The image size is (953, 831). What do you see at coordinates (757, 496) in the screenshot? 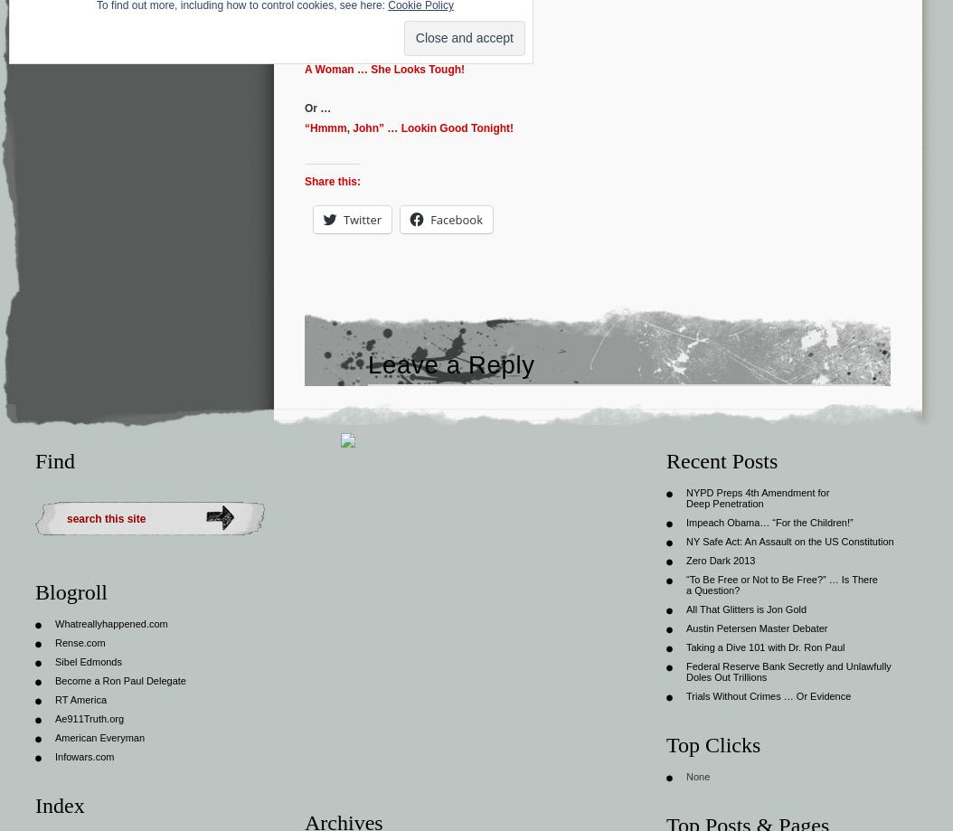
I see `'NYPD Preps 4th Amendment for Deep Penetration'` at bounding box center [757, 496].